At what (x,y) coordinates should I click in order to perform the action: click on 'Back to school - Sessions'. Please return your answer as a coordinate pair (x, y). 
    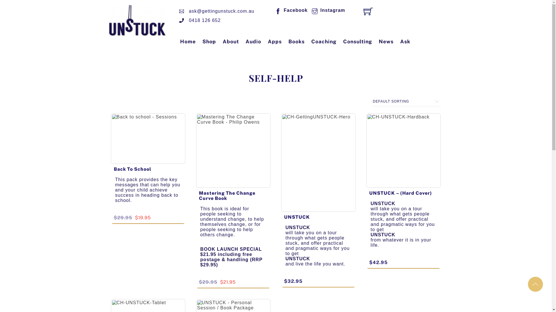
    Looking at the image, I should click on (111, 138).